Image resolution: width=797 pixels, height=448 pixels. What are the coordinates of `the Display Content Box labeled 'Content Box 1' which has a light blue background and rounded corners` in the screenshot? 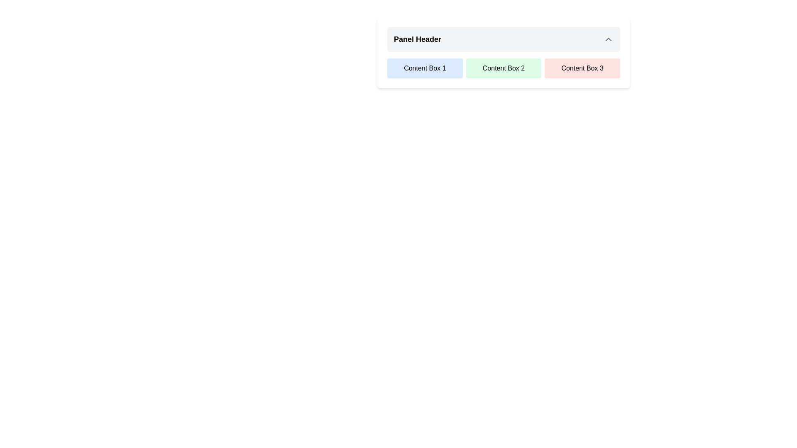 It's located at (425, 68).